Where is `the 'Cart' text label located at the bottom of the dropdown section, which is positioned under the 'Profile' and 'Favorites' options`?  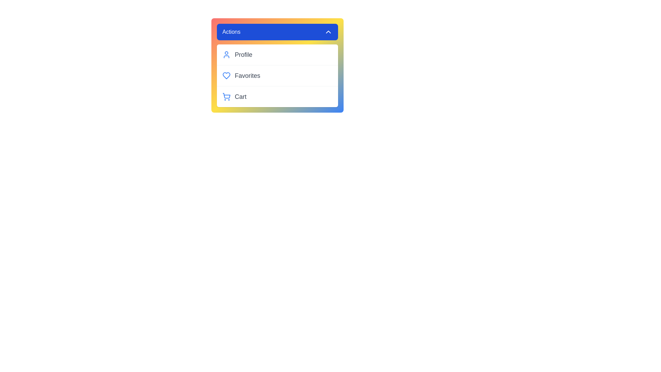
the 'Cart' text label located at the bottom of the dropdown section, which is positioned under the 'Profile' and 'Favorites' options is located at coordinates (241, 97).